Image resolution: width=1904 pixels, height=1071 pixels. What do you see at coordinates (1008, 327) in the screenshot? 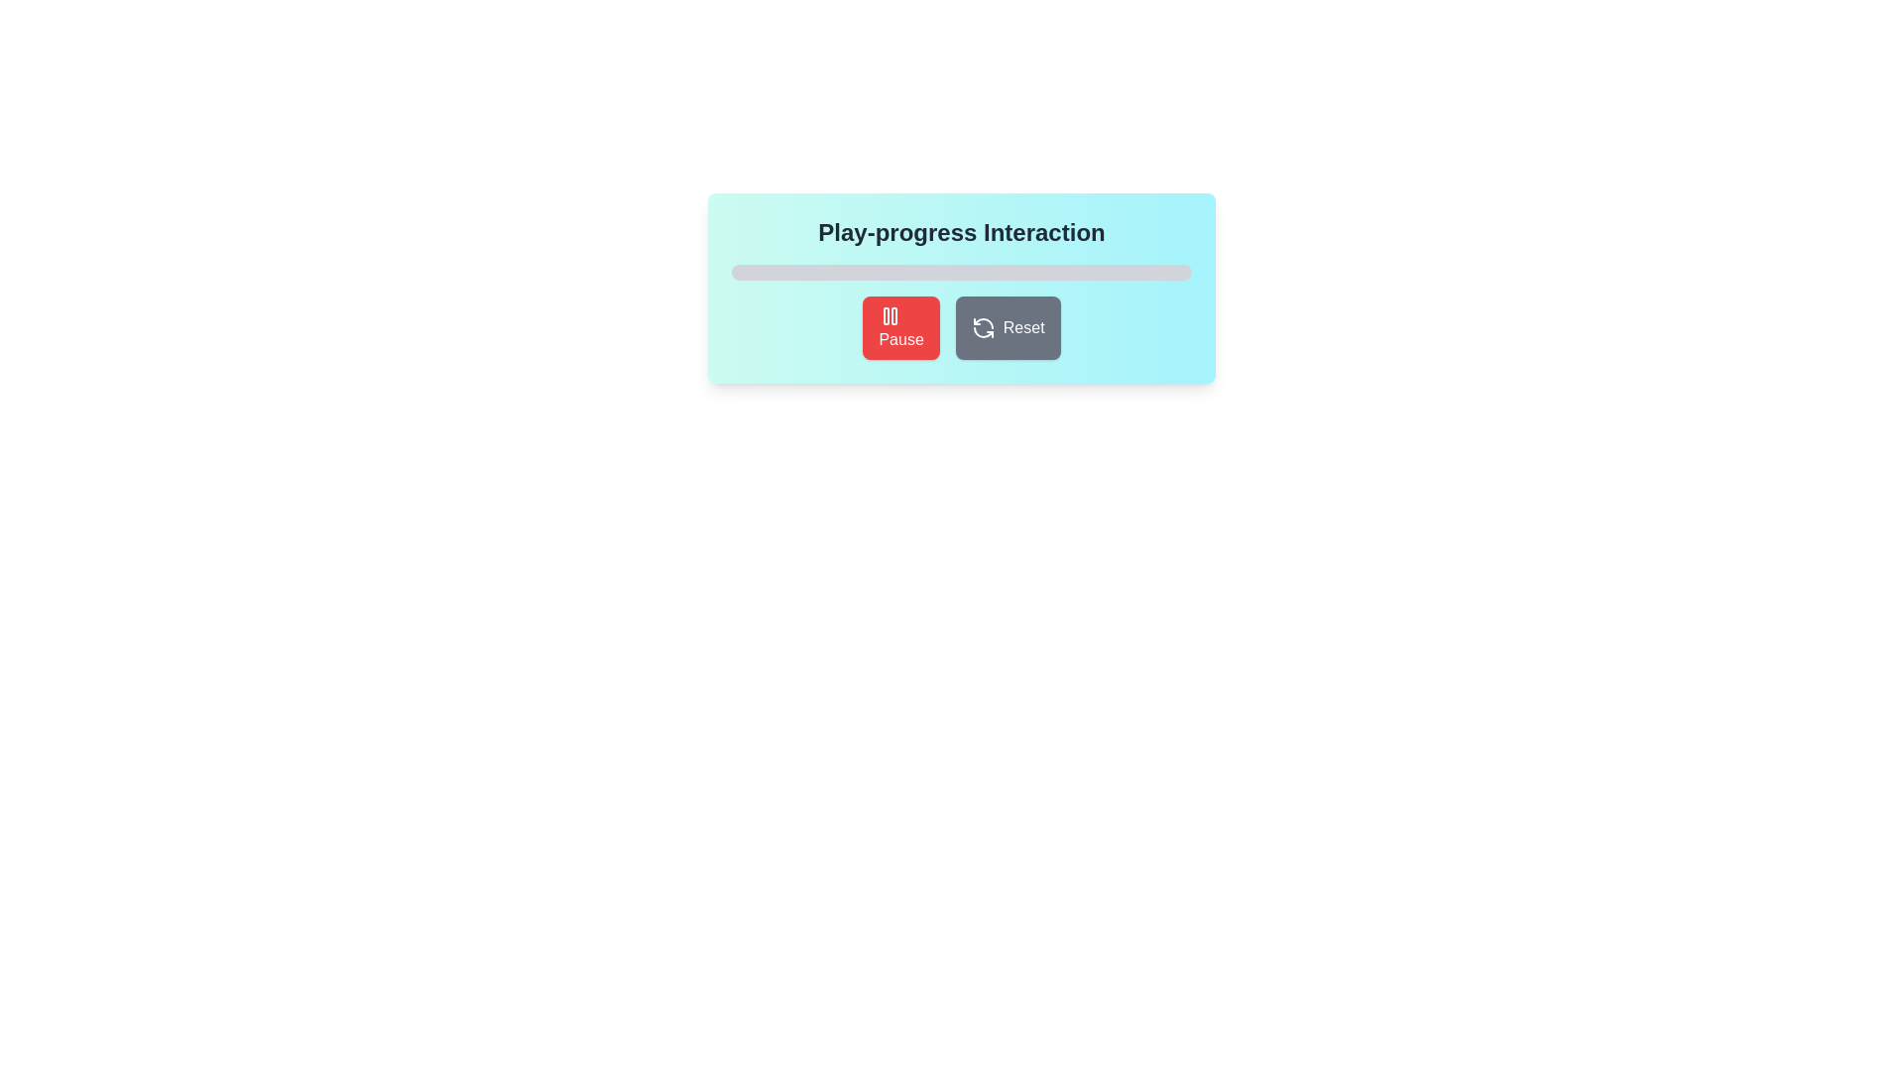
I see `the reset button located to the right of the 'Pause' button` at bounding box center [1008, 327].